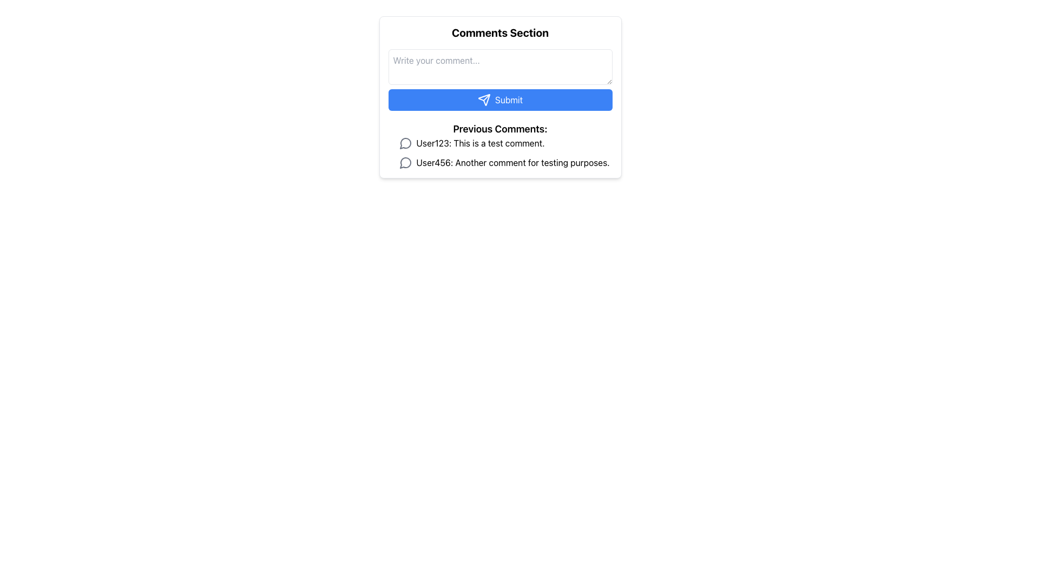 Image resolution: width=1039 pixels, height=584 pixels. What do you see at coordinates (499, 97) in the screenshot?
I see `the submit button located in the comments section of the modal, which is positioned centrally beneath the text input field labeled 'Write your comment...'` at bounding box center [499, 97].